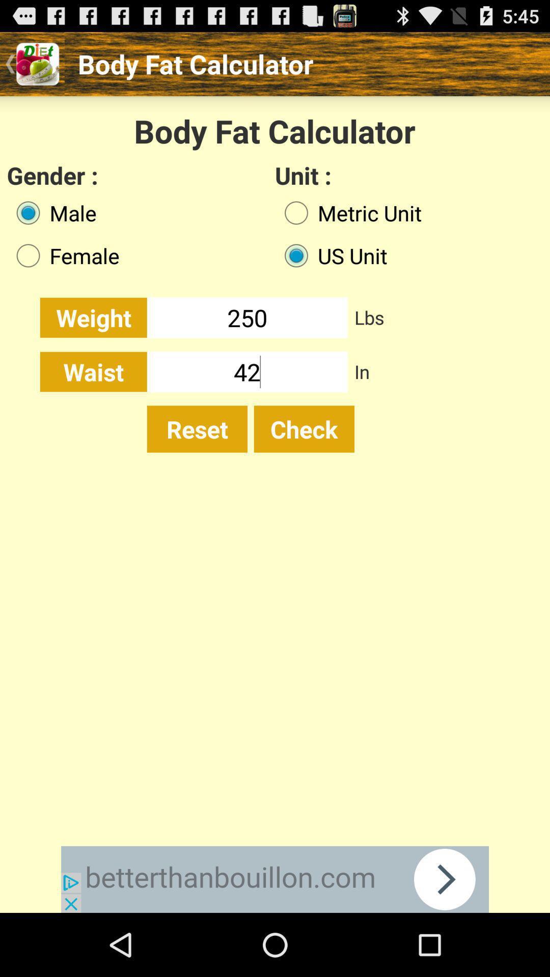 This screenshot has height=977, width=550. Describe the element at coordinates (275, 879) in the screenshot. I see `see advertisement` at that location.